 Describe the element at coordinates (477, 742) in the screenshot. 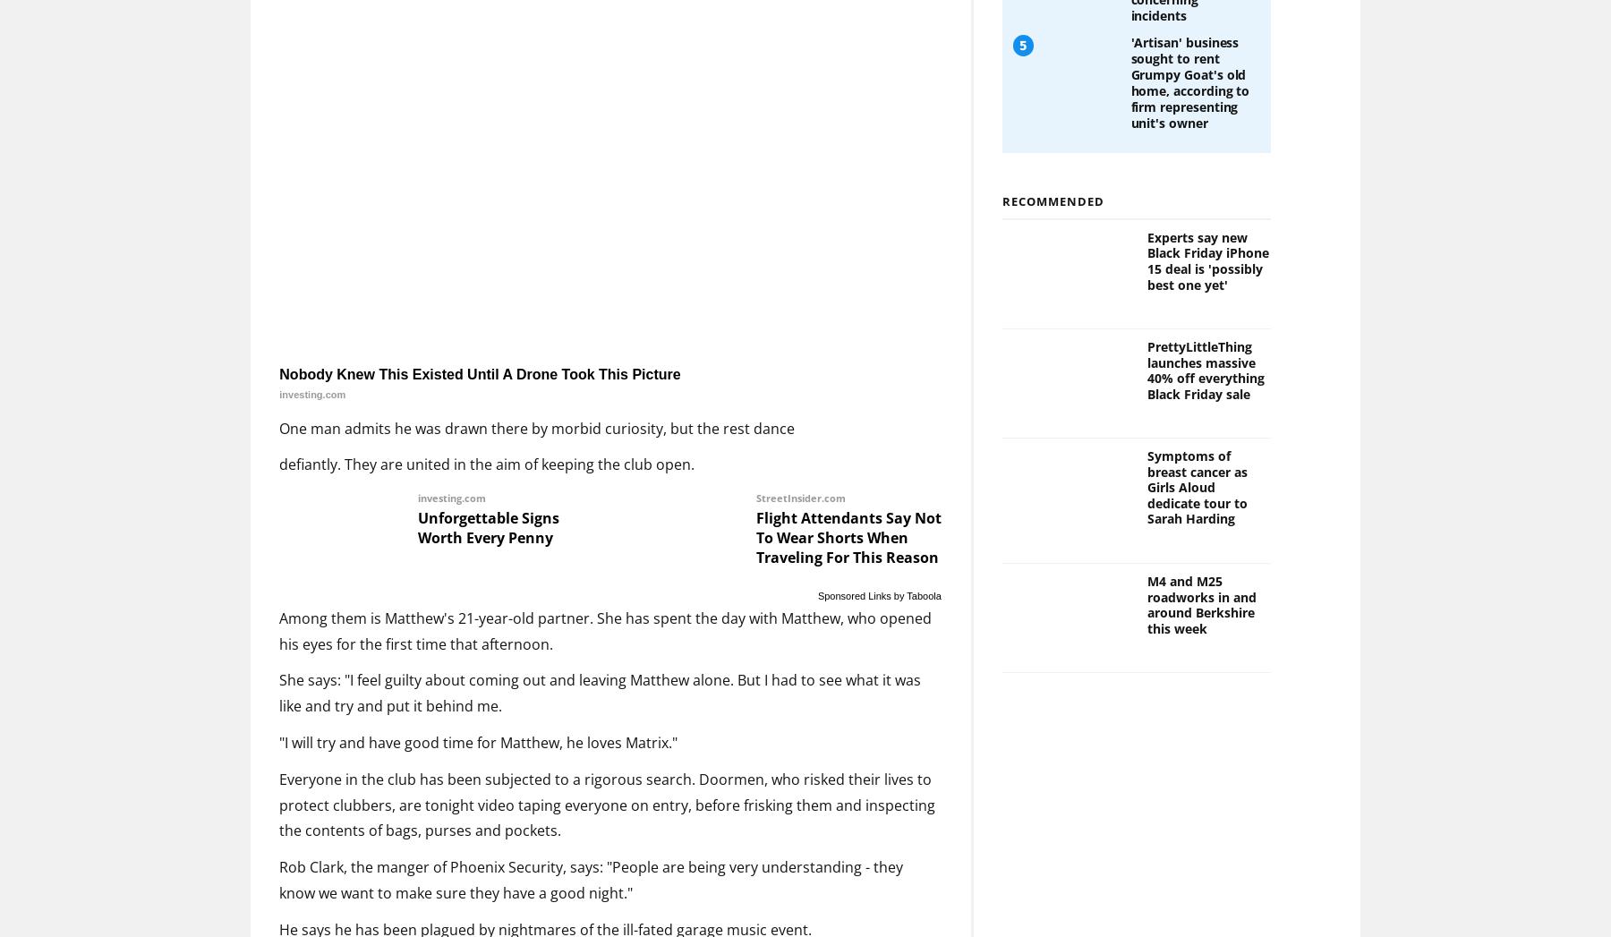

I see `'"I will try and have good time for Matthew, he loves Matrix."'` at that location.